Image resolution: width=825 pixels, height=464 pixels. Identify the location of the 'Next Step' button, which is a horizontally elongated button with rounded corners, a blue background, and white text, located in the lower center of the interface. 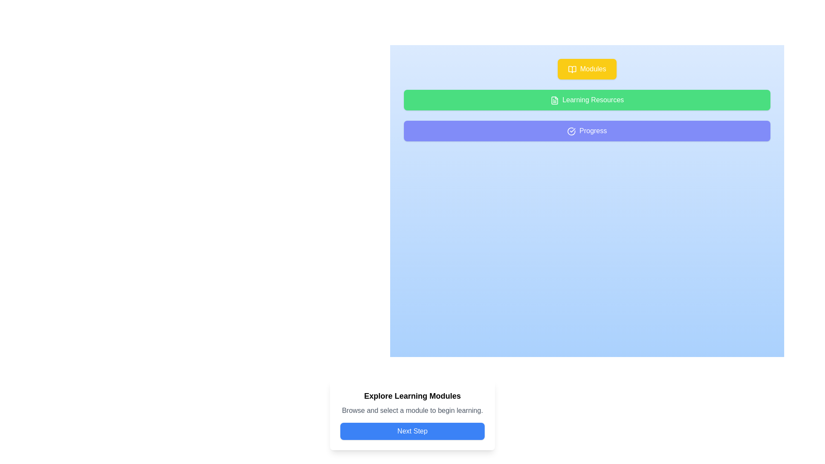
(412, 431).